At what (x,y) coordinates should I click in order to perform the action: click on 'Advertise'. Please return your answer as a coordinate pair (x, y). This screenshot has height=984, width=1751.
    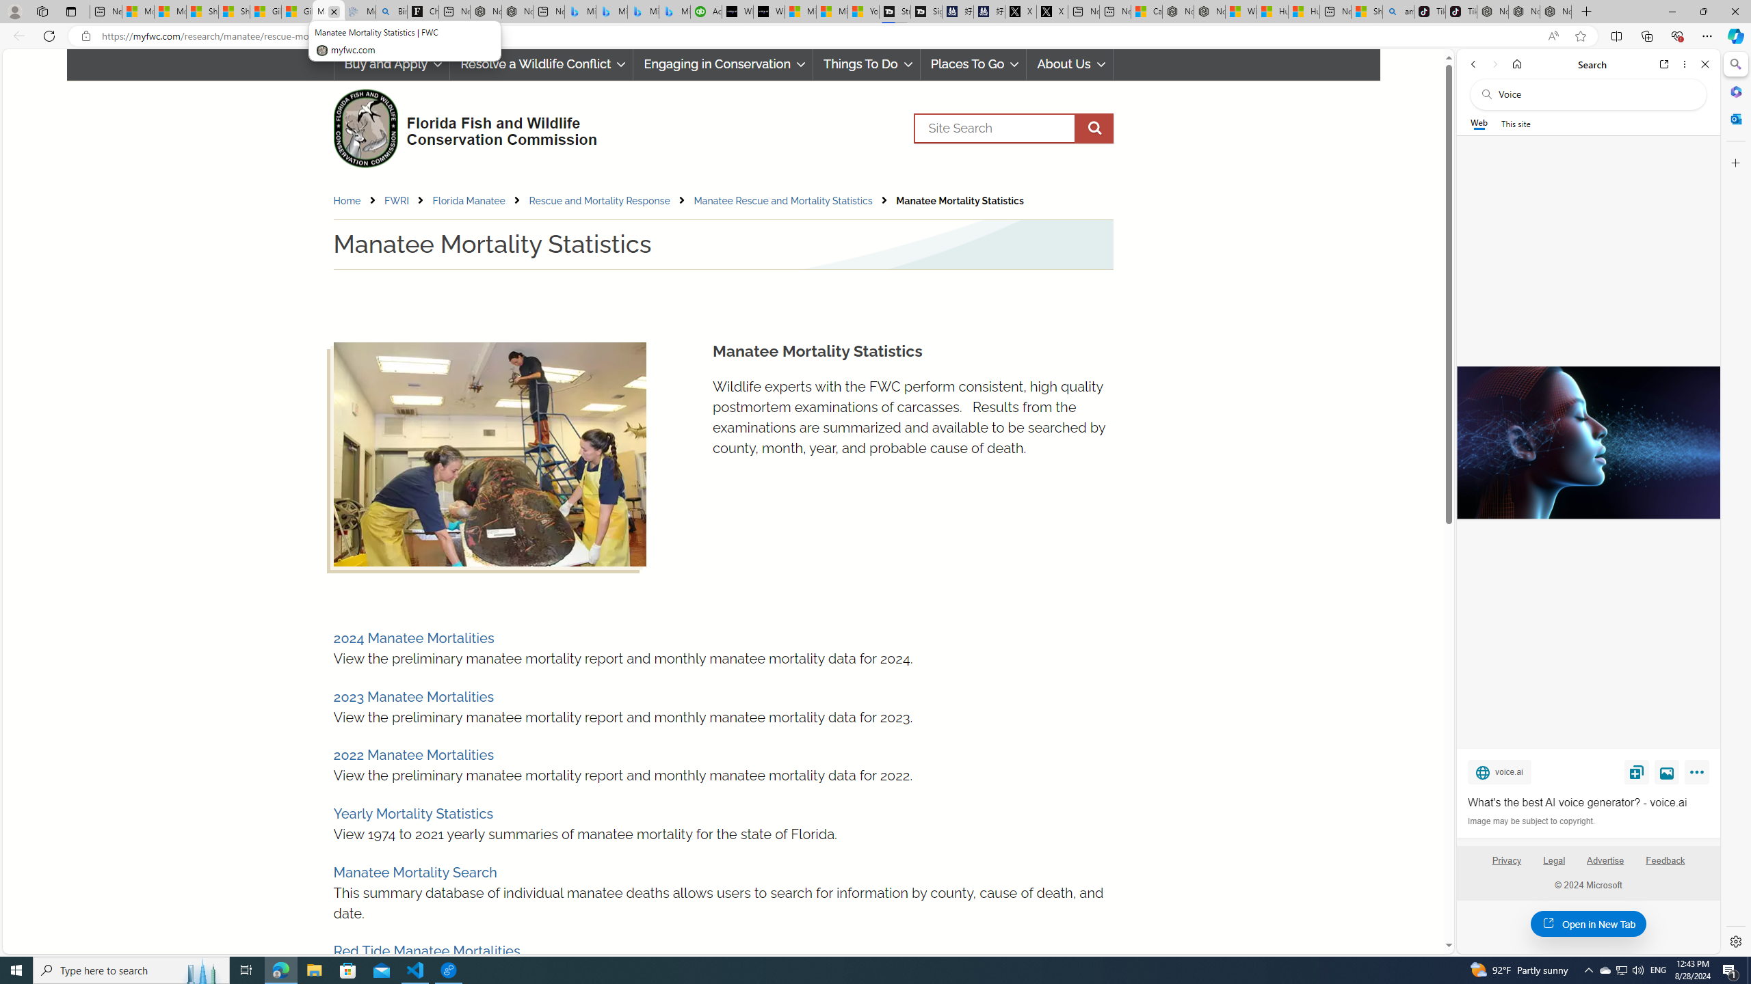
    Looking at the image, I should click on (1605, 860).